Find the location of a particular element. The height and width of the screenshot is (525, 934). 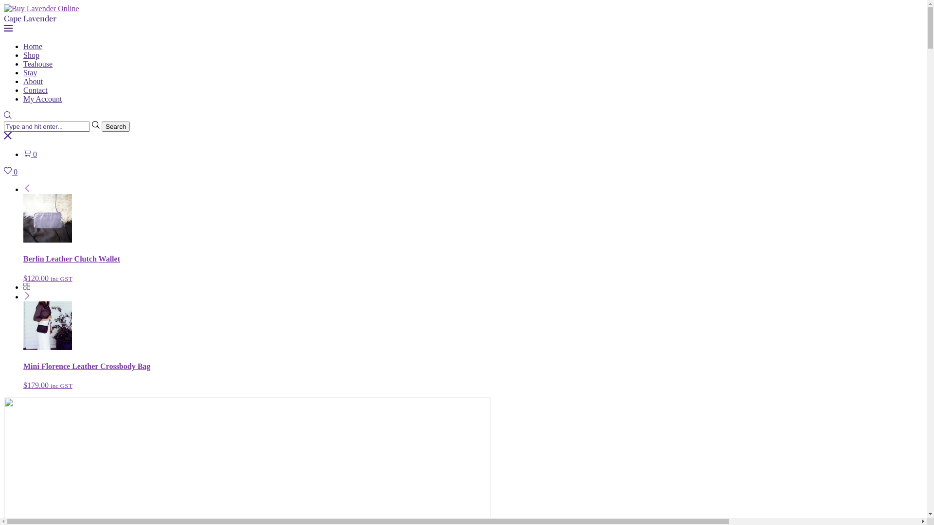

'Contact' is located at coordinates (35, 90).